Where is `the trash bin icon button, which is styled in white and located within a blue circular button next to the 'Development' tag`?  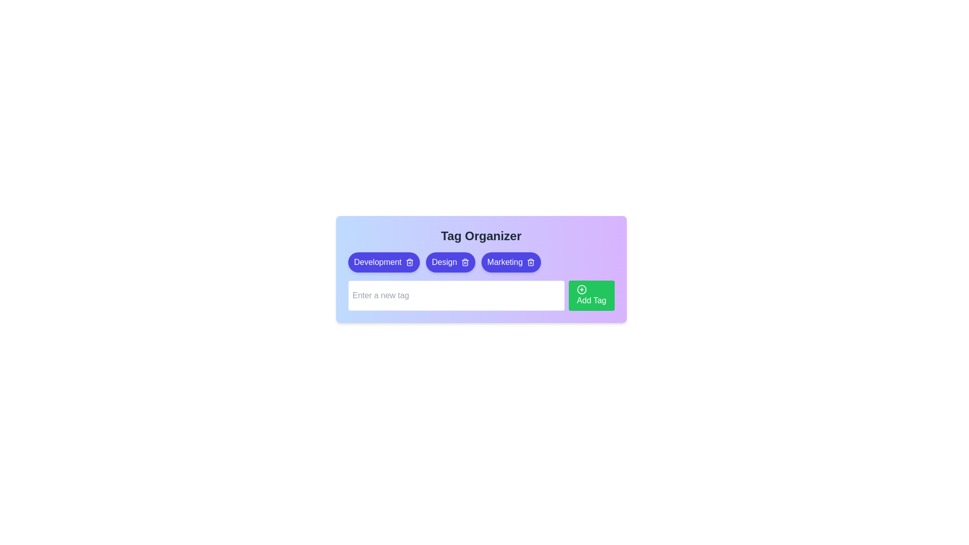 the trash bin icon button, which is styled in white and located within a blue circular button next to the 'Development' tag is located at coordinates (409, 262).